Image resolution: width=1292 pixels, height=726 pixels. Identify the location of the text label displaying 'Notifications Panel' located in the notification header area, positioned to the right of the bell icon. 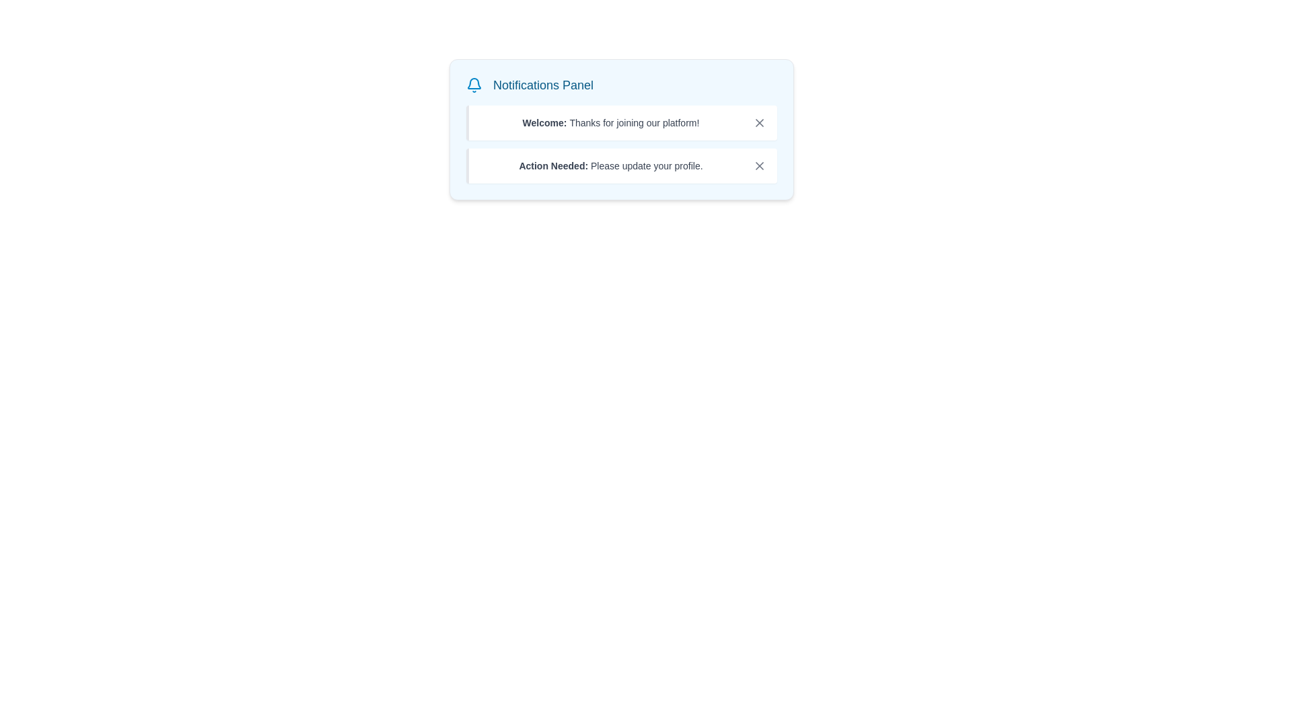
(543, 85).